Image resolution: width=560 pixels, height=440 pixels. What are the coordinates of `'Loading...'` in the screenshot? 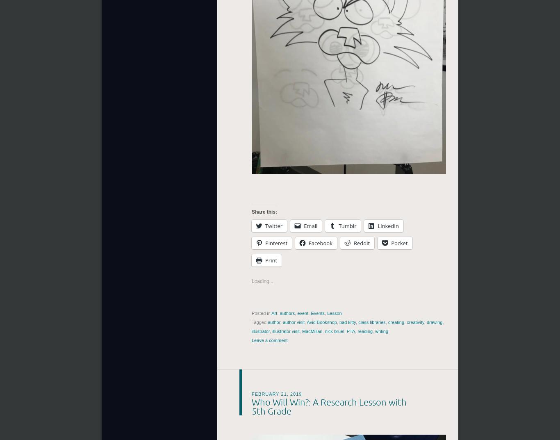 It's located at (251, 281).